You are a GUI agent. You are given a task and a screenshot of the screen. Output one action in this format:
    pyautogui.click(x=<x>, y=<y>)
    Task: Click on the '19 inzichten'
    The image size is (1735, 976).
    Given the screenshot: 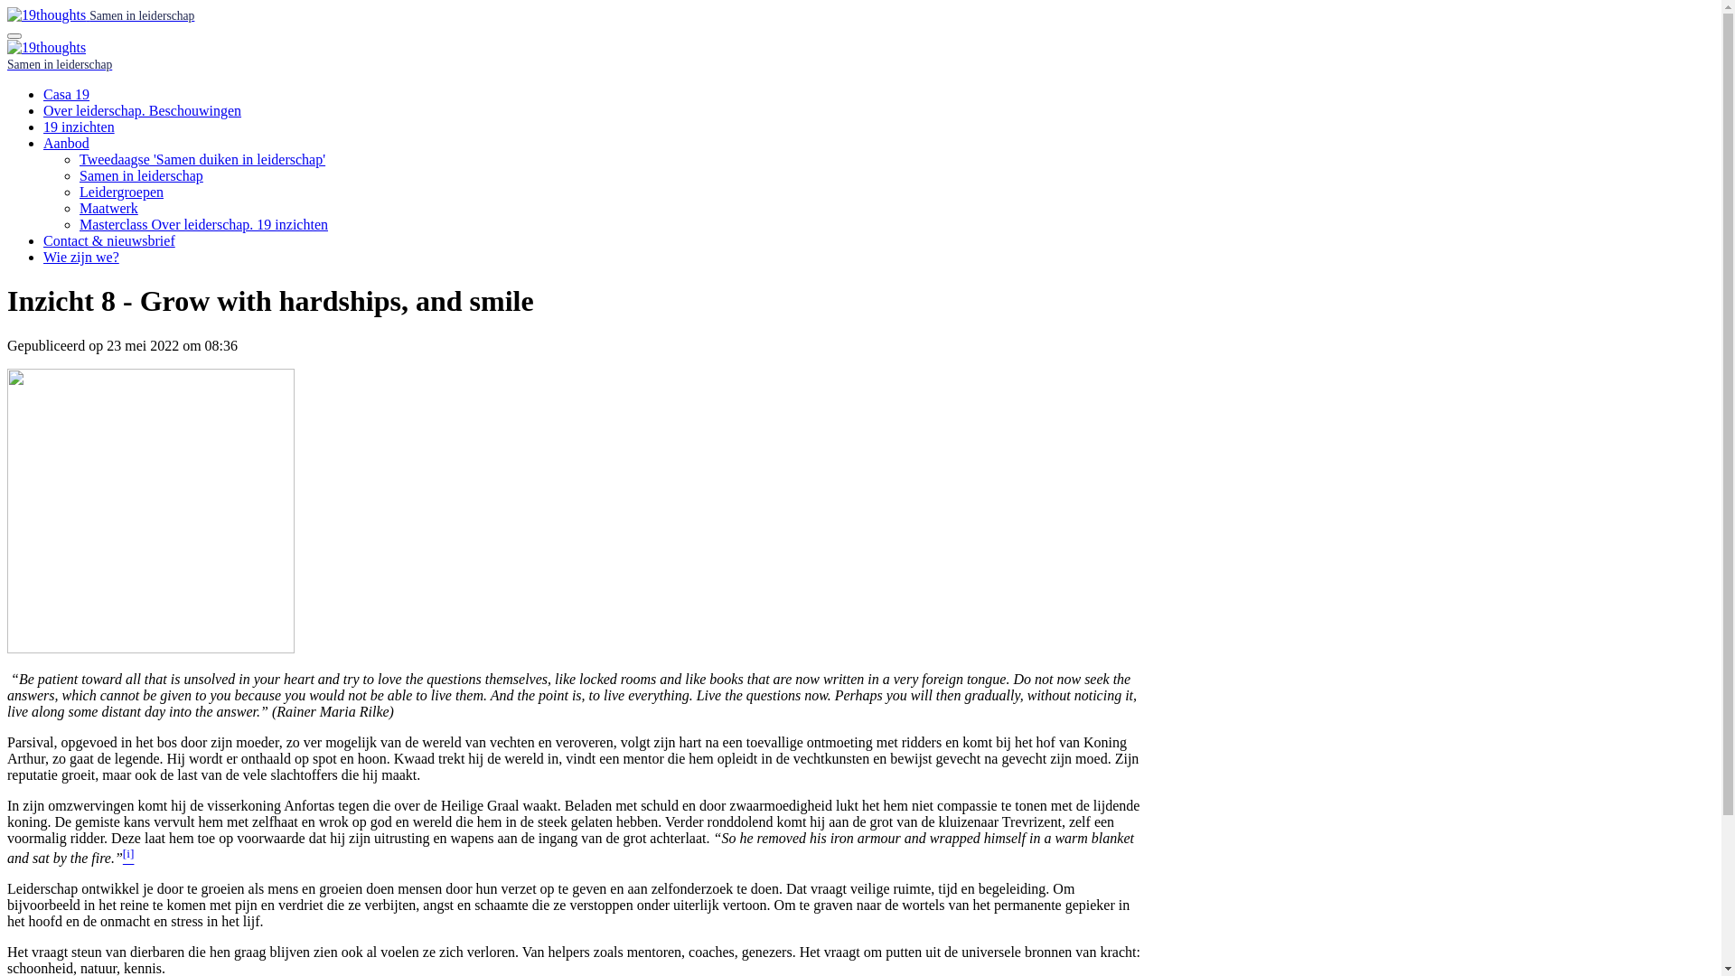 What is the action you would take?
    pyautogui.click(x=43, y=126)
    